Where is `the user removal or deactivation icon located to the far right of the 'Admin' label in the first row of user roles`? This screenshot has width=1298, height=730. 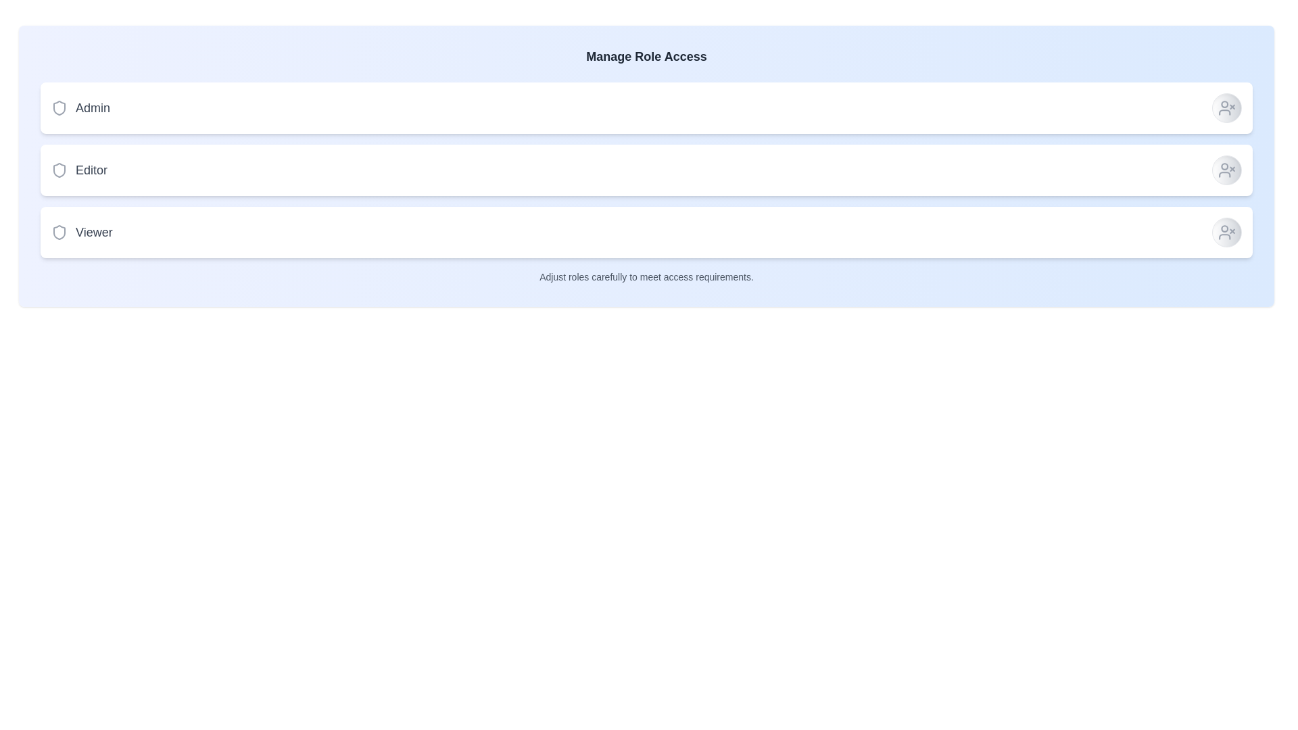
the user removal or deactivation icon located to the far right of the 'Admin' label in the first row of user roles is located at coordinates (1226, 107).